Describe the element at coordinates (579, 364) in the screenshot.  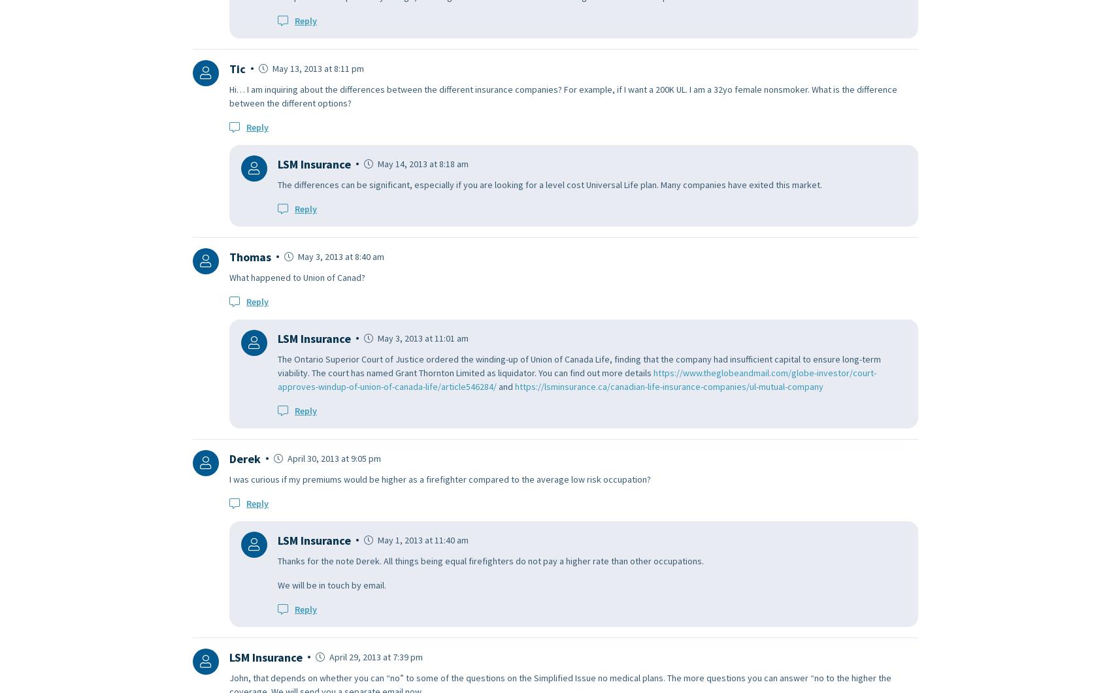
I see `'The Ontario Superior Court of Justice ordered the winding-up of Union of Canada Life, finding that the company had insufficient capital to ensure long-term viability. The court has named Grant Thornton Limited as liquidator.  You can find out more details'` at that location.